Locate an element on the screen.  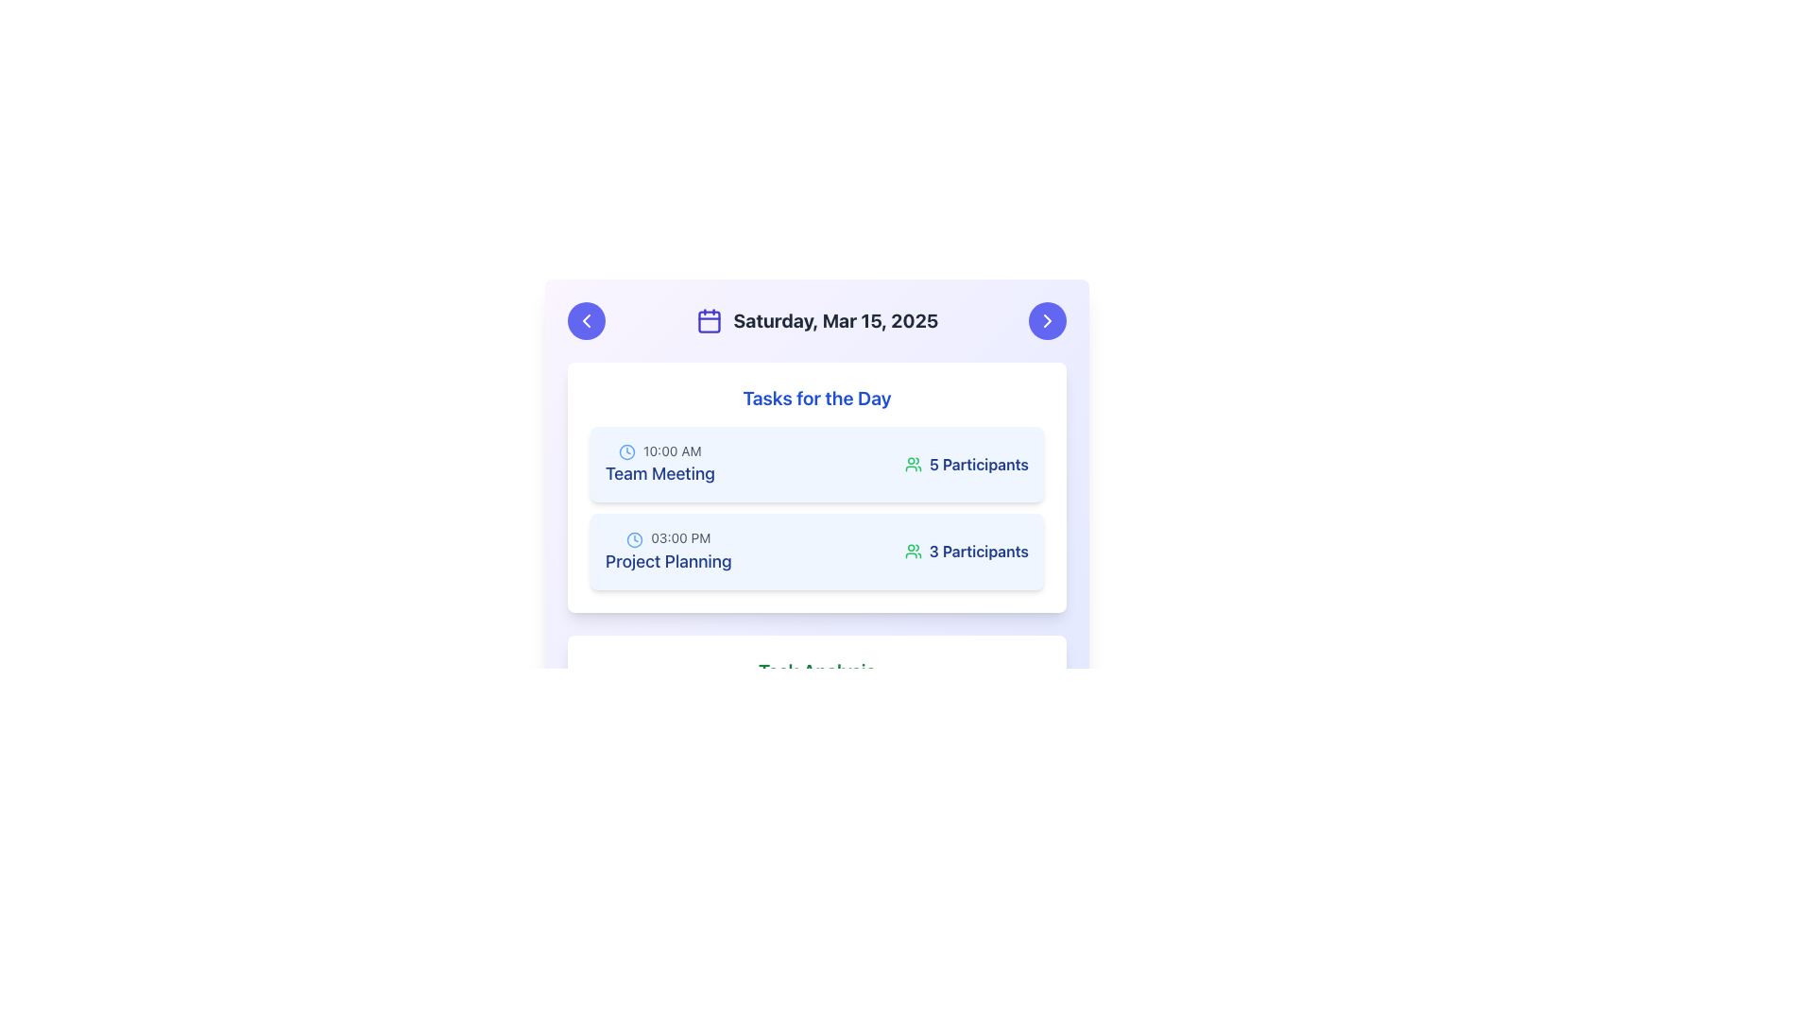
the label displaying '03:00 PM' which is styled in a small gray font and located at the top-left of the 'Project Planning' card, next to a blue clock icon is located at coordinates (668, 538).